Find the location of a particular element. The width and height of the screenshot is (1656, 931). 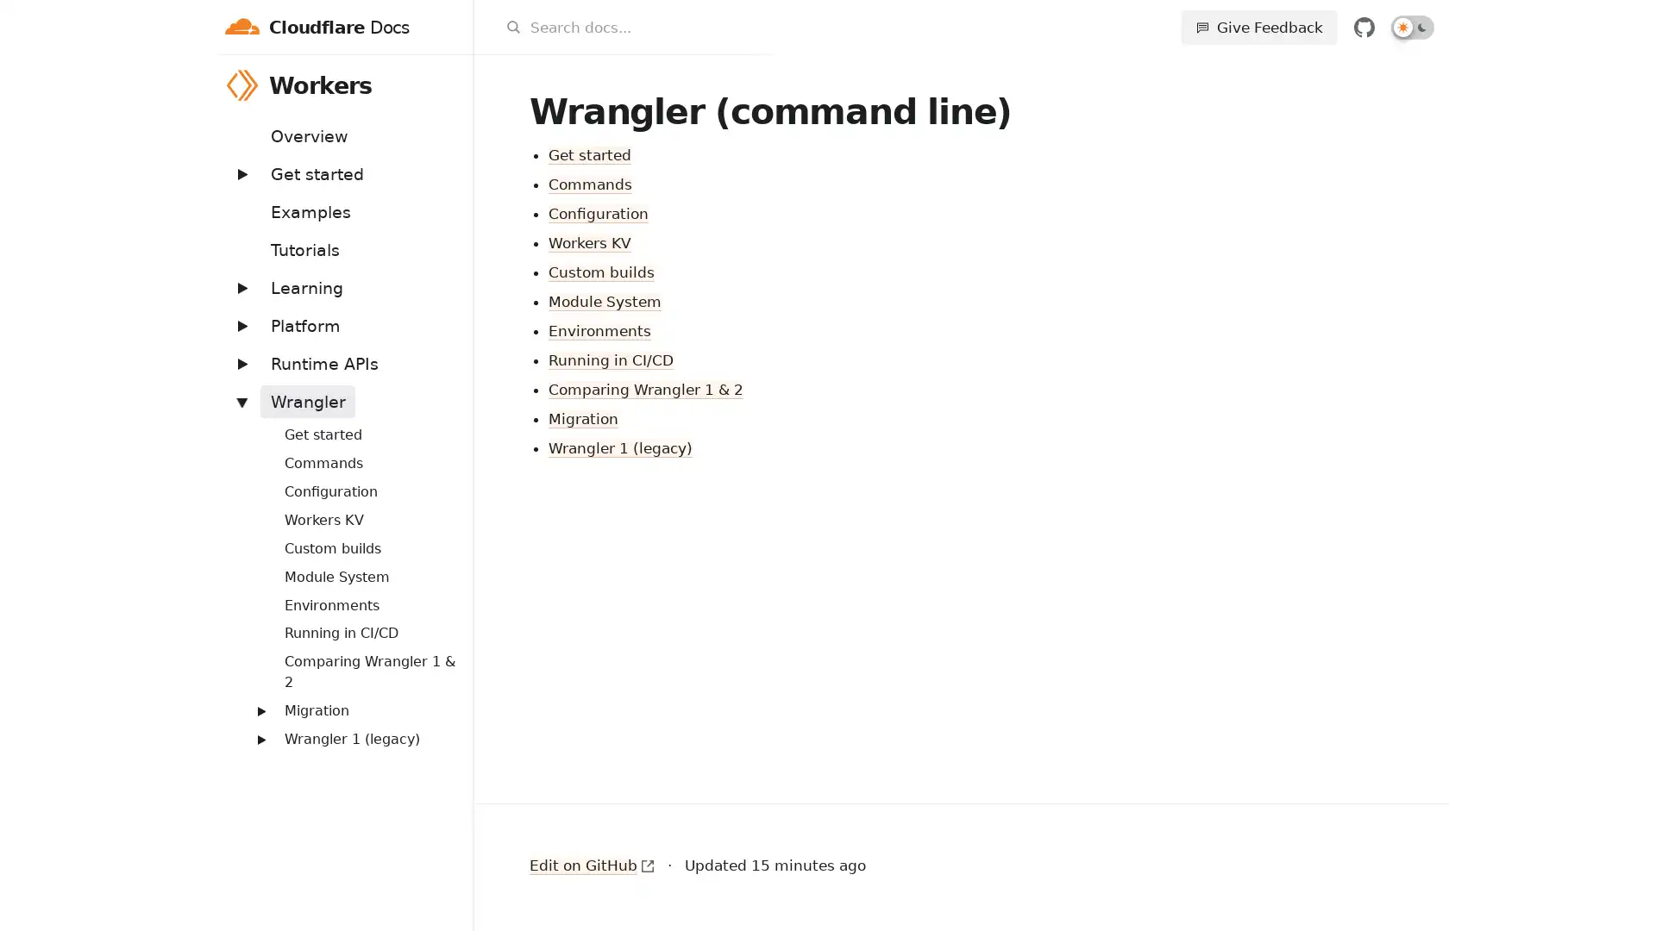

Give Feedback is located at coordinates (1258, 27).